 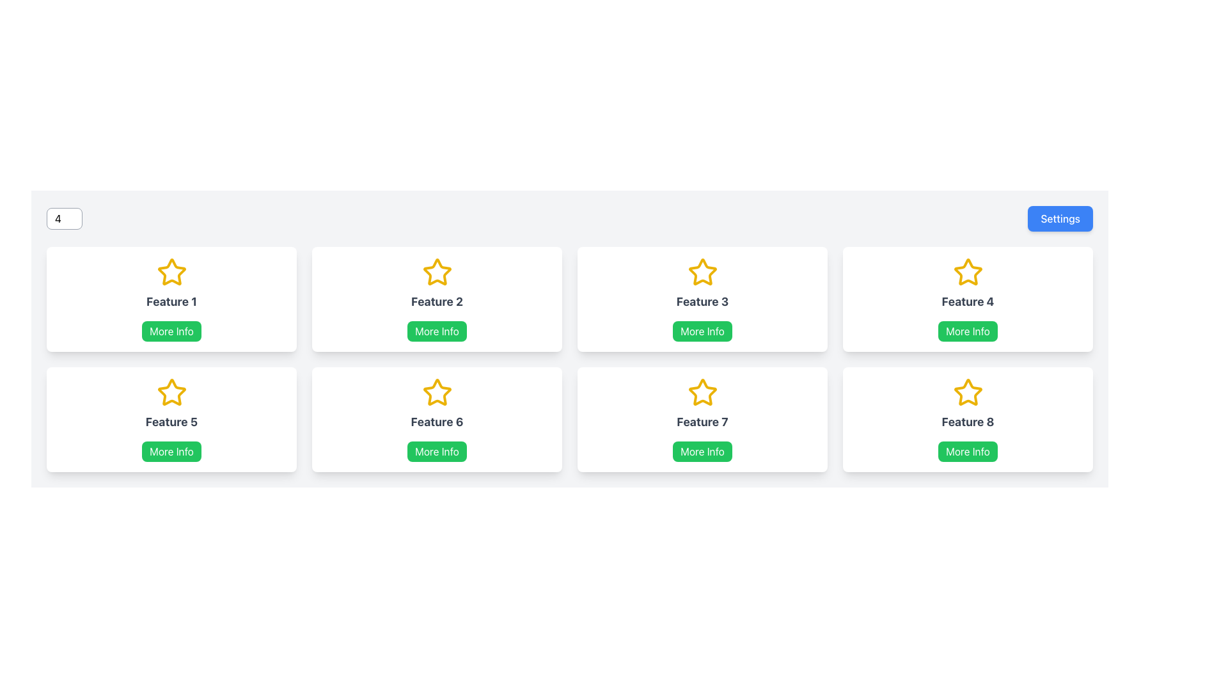 I want to click on the yellow star icon with a hollow center located in the upper-left corner of the 'Feature 1' card layout, so click(x=171, y=271).